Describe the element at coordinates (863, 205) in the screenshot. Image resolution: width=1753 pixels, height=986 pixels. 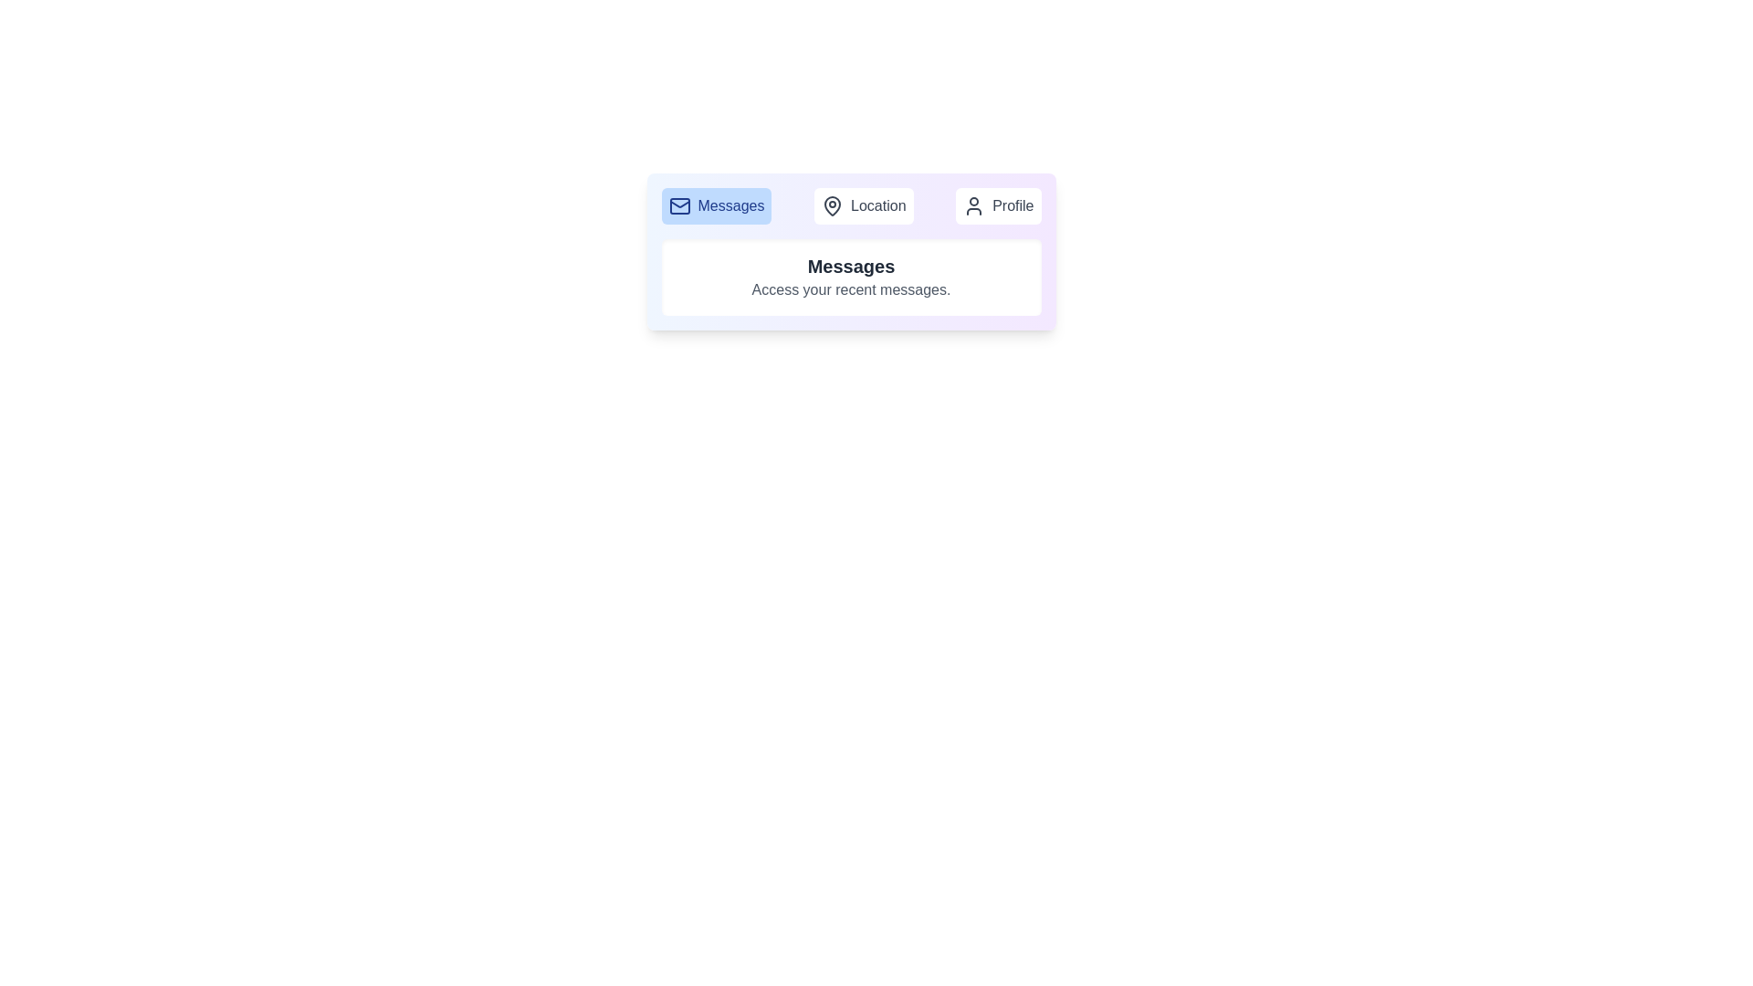
I see `the Location tab by clicking on its button` at that location.